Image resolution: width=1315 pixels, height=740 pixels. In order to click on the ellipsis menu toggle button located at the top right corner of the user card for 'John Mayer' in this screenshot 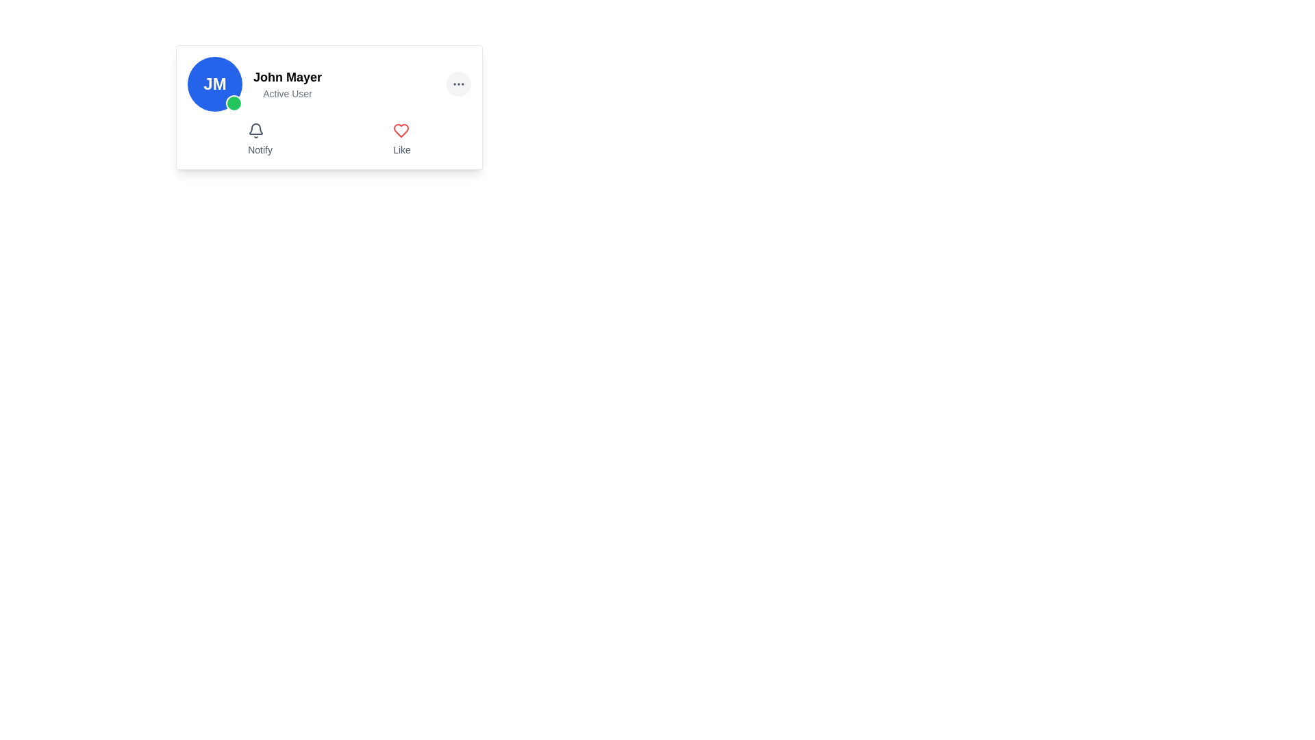, I will do `click(459, 84)`.